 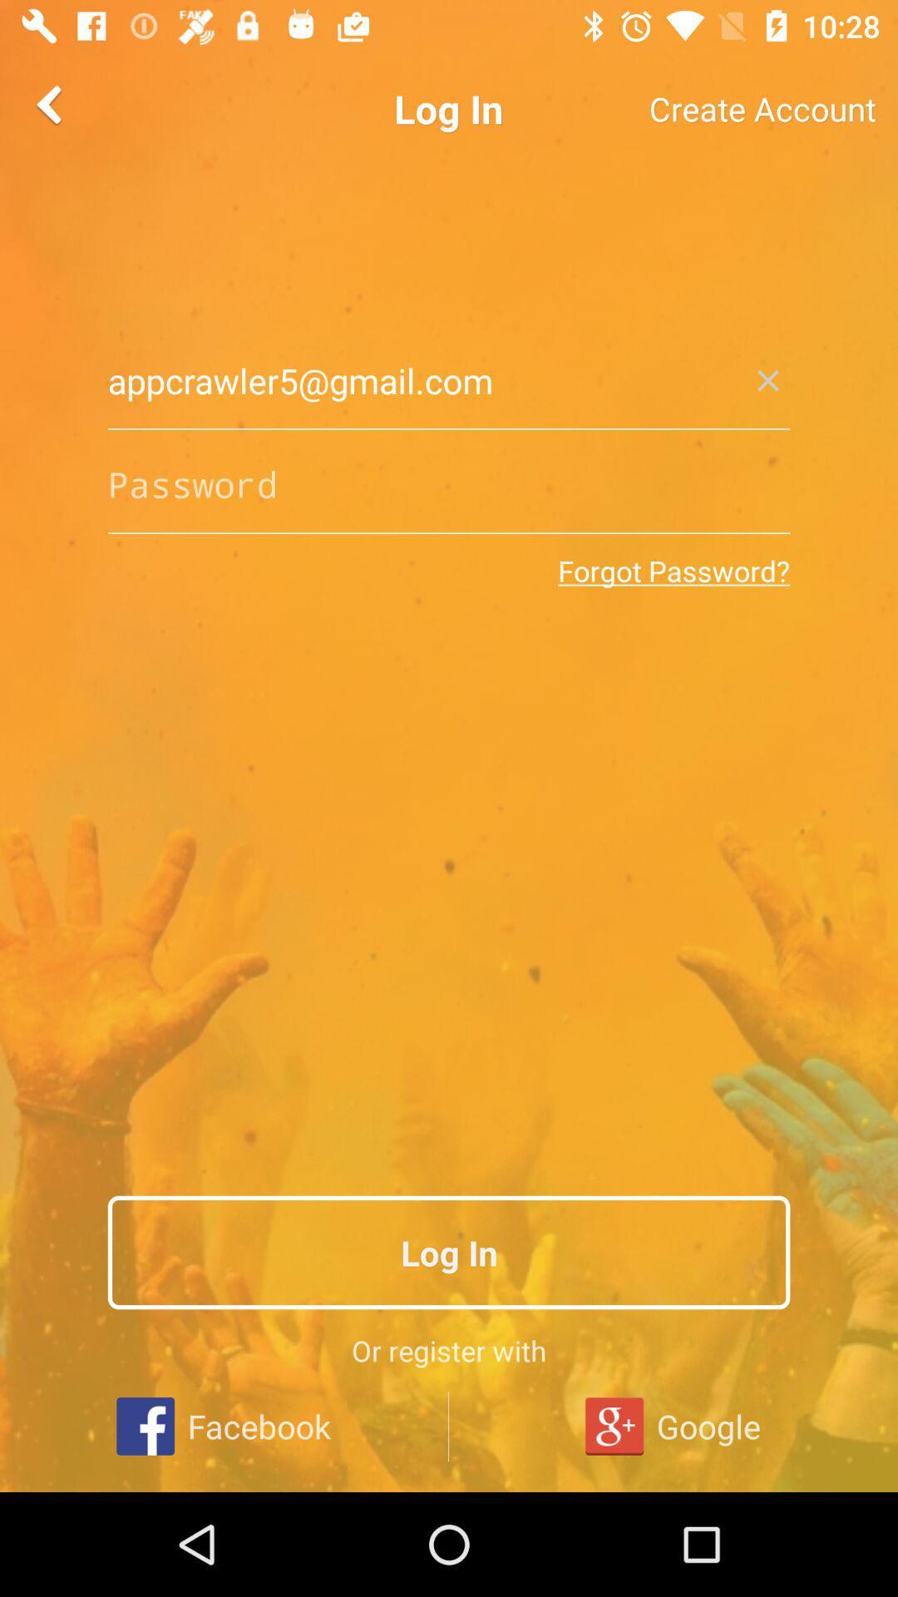 What do you see at coordinates (51, 103) in the screenshot?
I see `the arrow_backward icon` at bounding box center [51, 103].